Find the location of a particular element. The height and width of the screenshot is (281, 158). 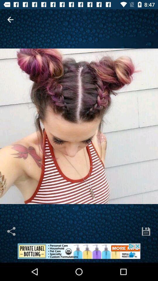

advertisement is located at coordinates (79, 253).